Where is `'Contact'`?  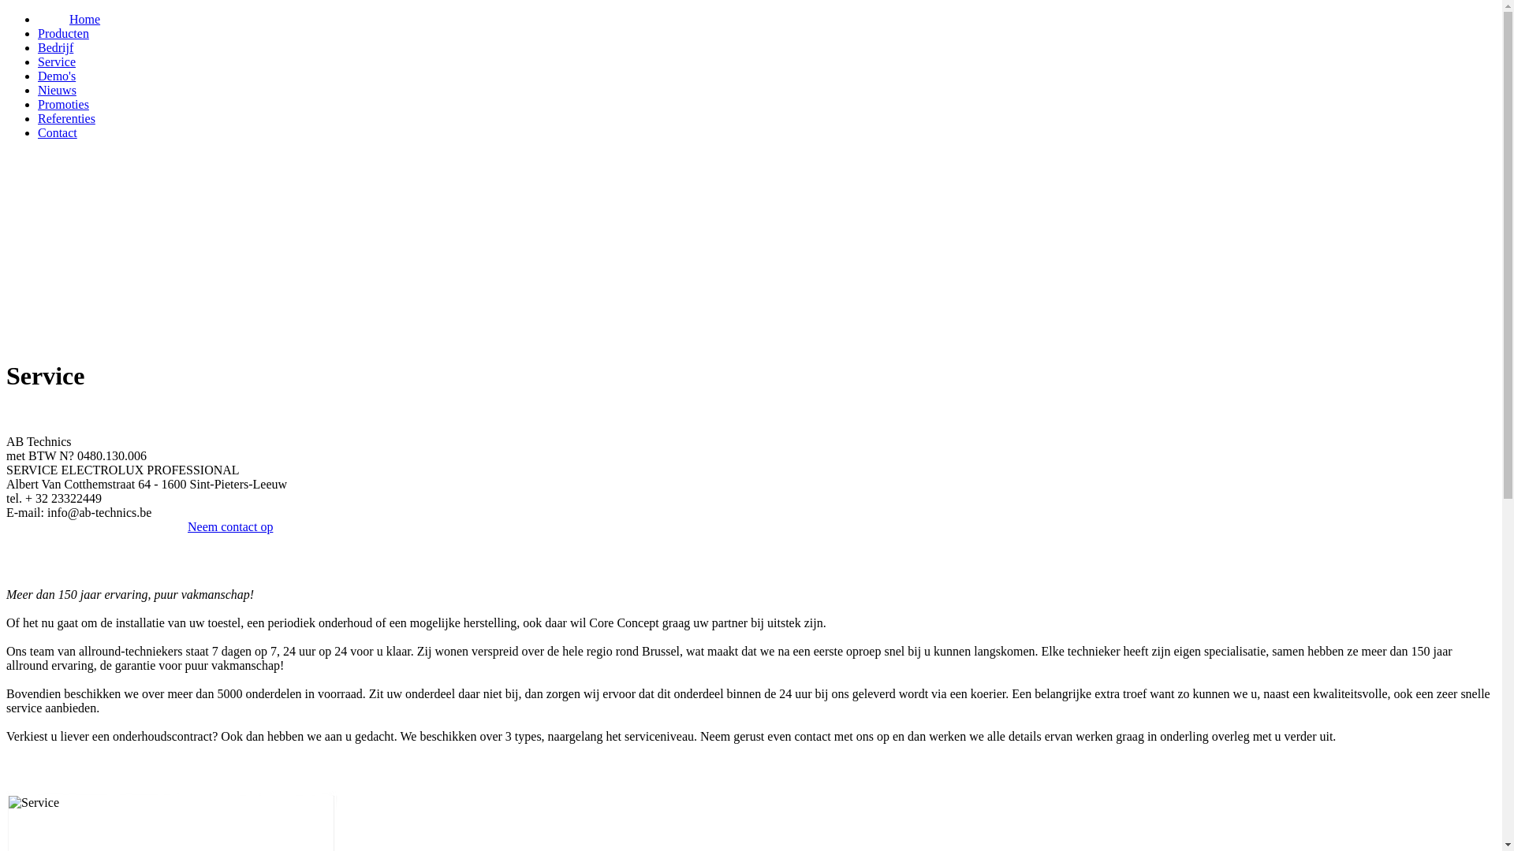 'Contact' is located at coordinates (57, 132).